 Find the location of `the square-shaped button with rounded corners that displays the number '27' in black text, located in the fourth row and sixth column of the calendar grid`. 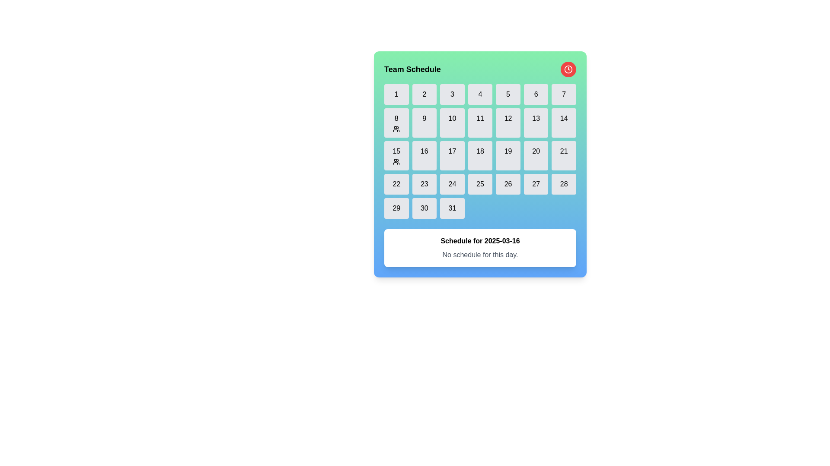

the square-shaped button with rounded corners that displays the number '27' in black text, located in the fourth row and sixth column of the calendar grid is located at coordinates (535, 184).